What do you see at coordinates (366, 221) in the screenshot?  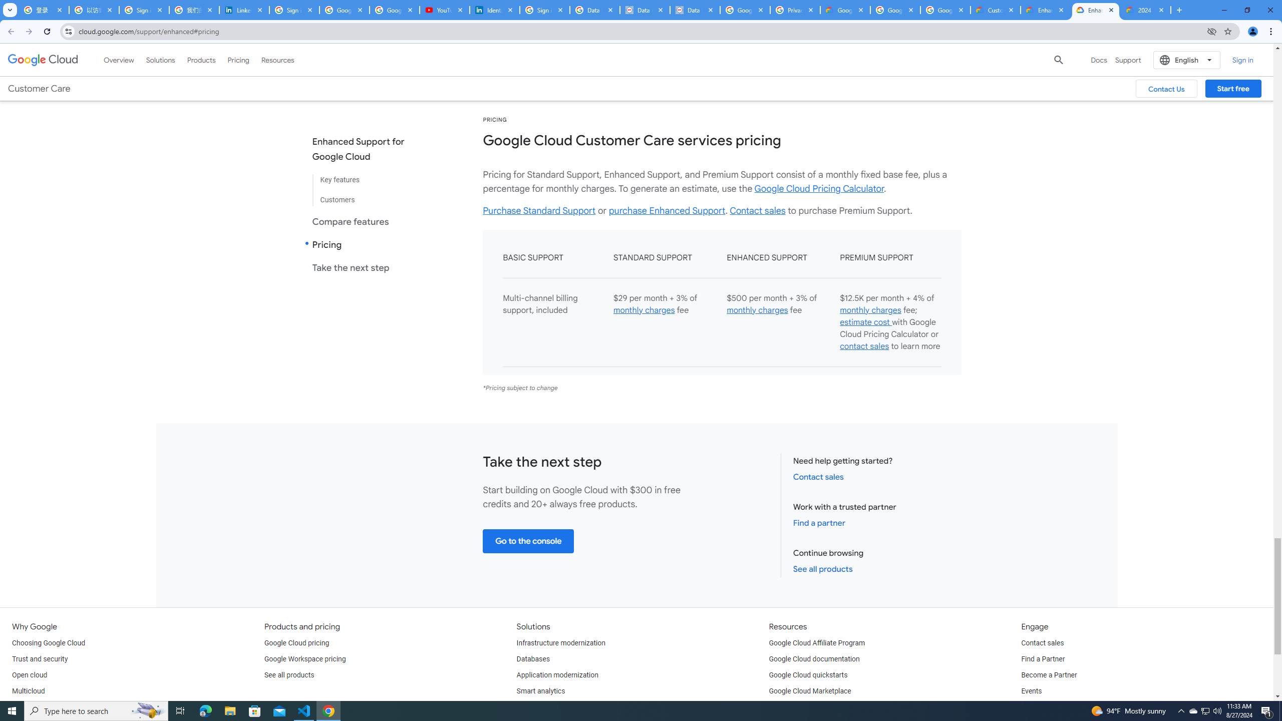 I see `'Compare features'` at bounding box center [366, 221].